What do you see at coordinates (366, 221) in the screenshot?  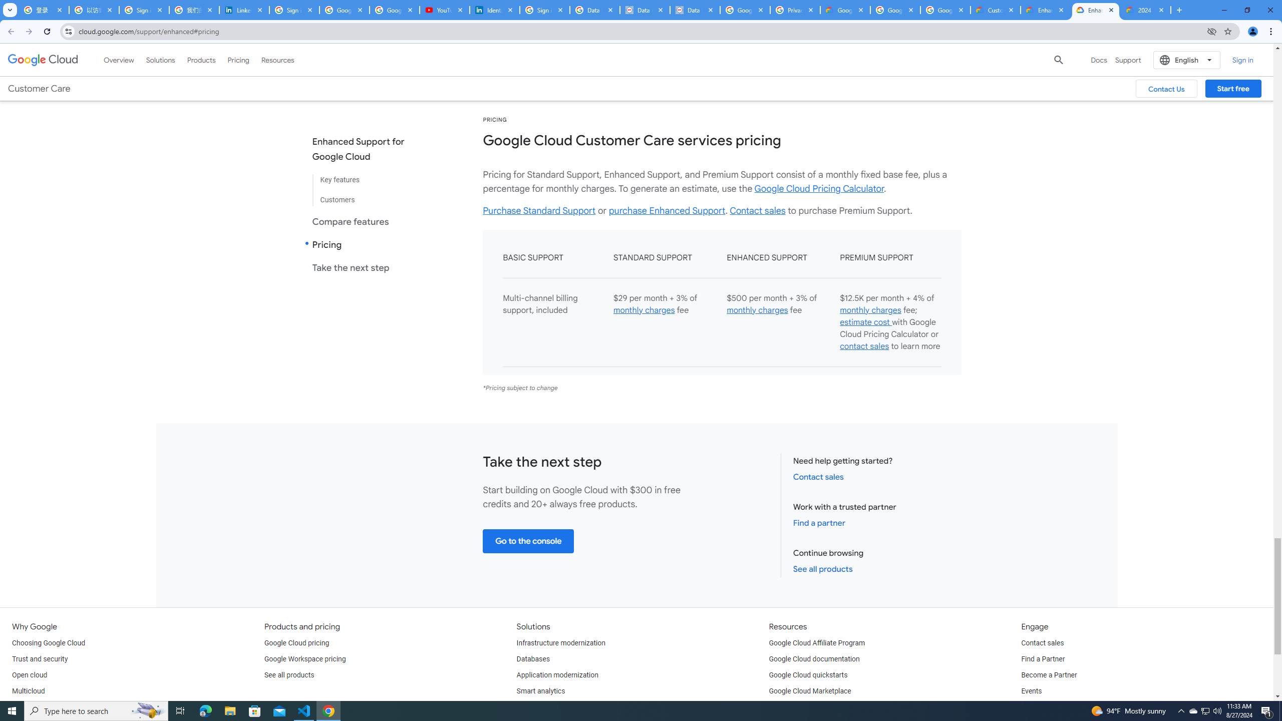 I see `'Compare features'` at bounding box center [366, 221].